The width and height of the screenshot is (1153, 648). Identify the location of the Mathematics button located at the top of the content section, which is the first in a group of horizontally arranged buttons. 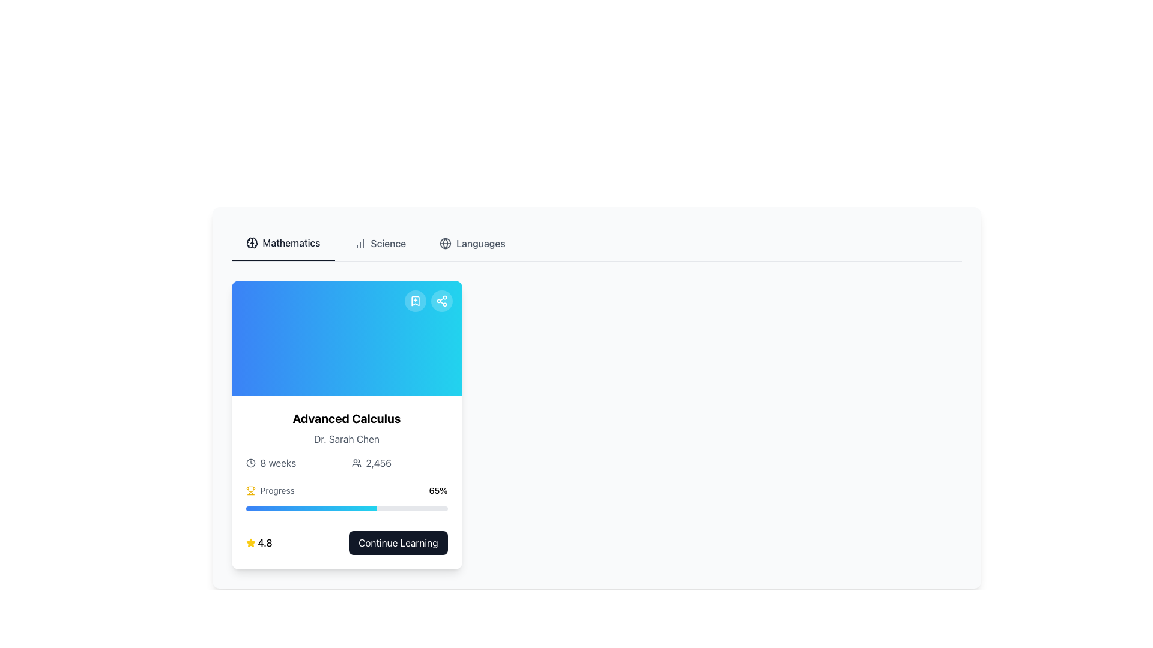
(282, 243).